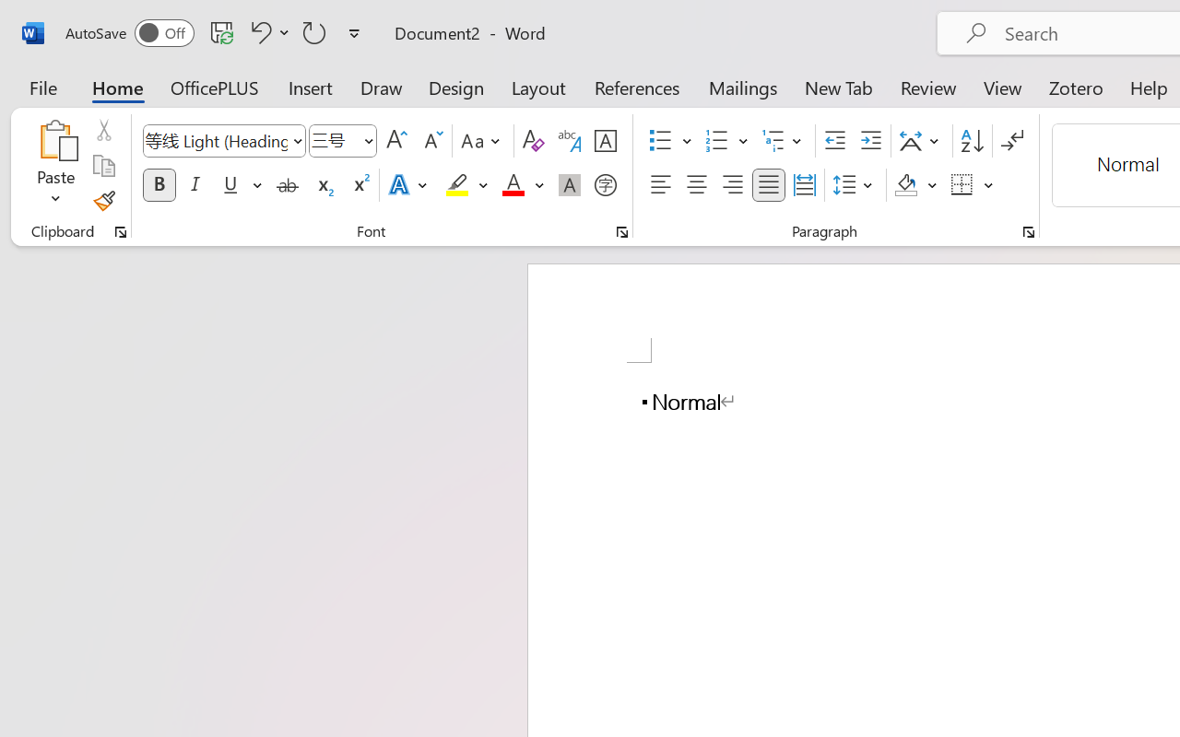  I want to click on 'Underline', so click(240, 185).